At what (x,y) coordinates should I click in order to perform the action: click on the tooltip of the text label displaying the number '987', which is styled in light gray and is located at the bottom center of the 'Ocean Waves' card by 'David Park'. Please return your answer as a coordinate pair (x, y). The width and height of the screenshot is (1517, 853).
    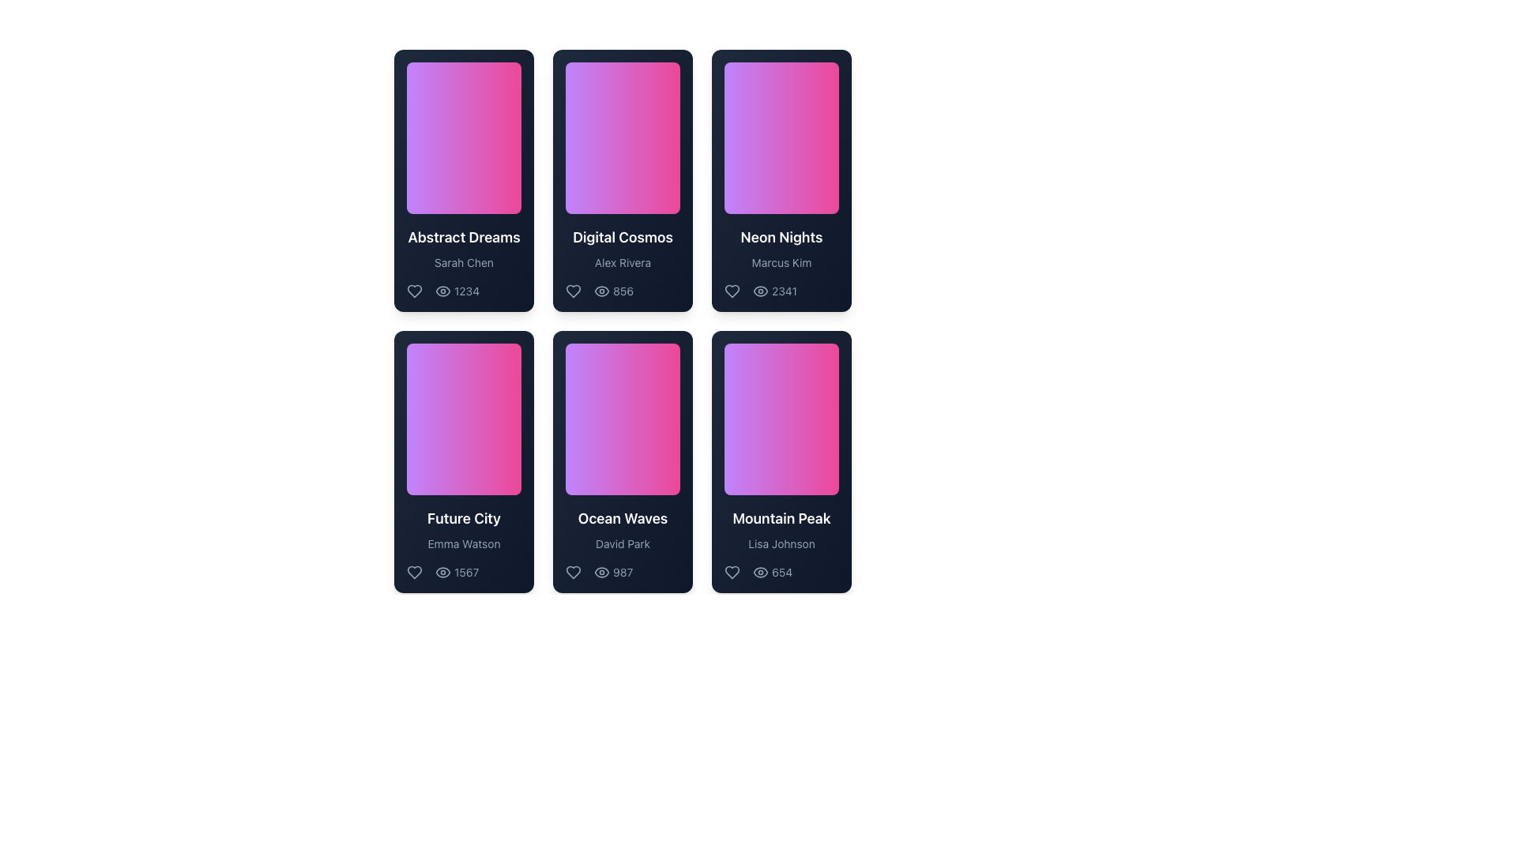
    Looking at the image, I should click on (622, 573).